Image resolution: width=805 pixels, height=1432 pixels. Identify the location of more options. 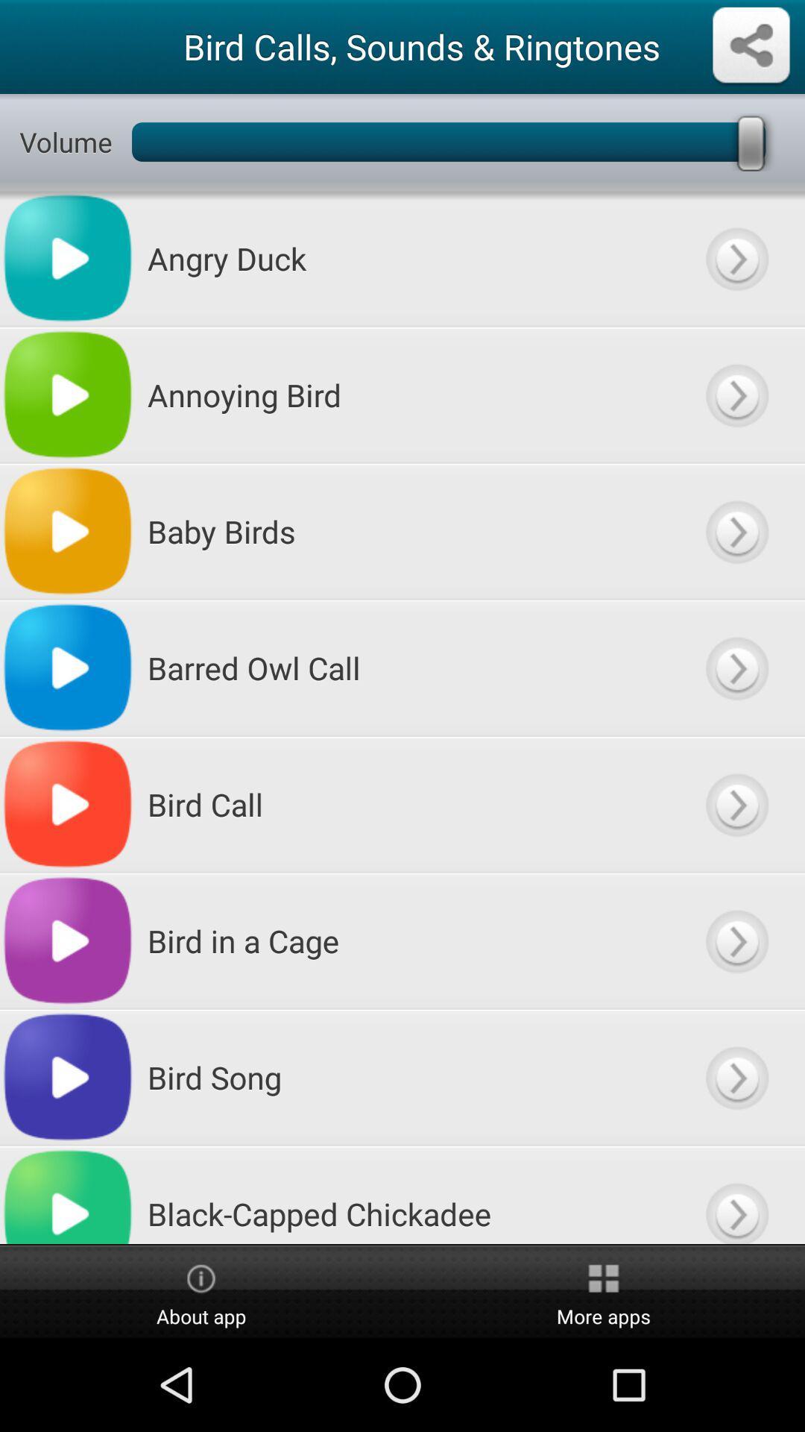
(736, 531).